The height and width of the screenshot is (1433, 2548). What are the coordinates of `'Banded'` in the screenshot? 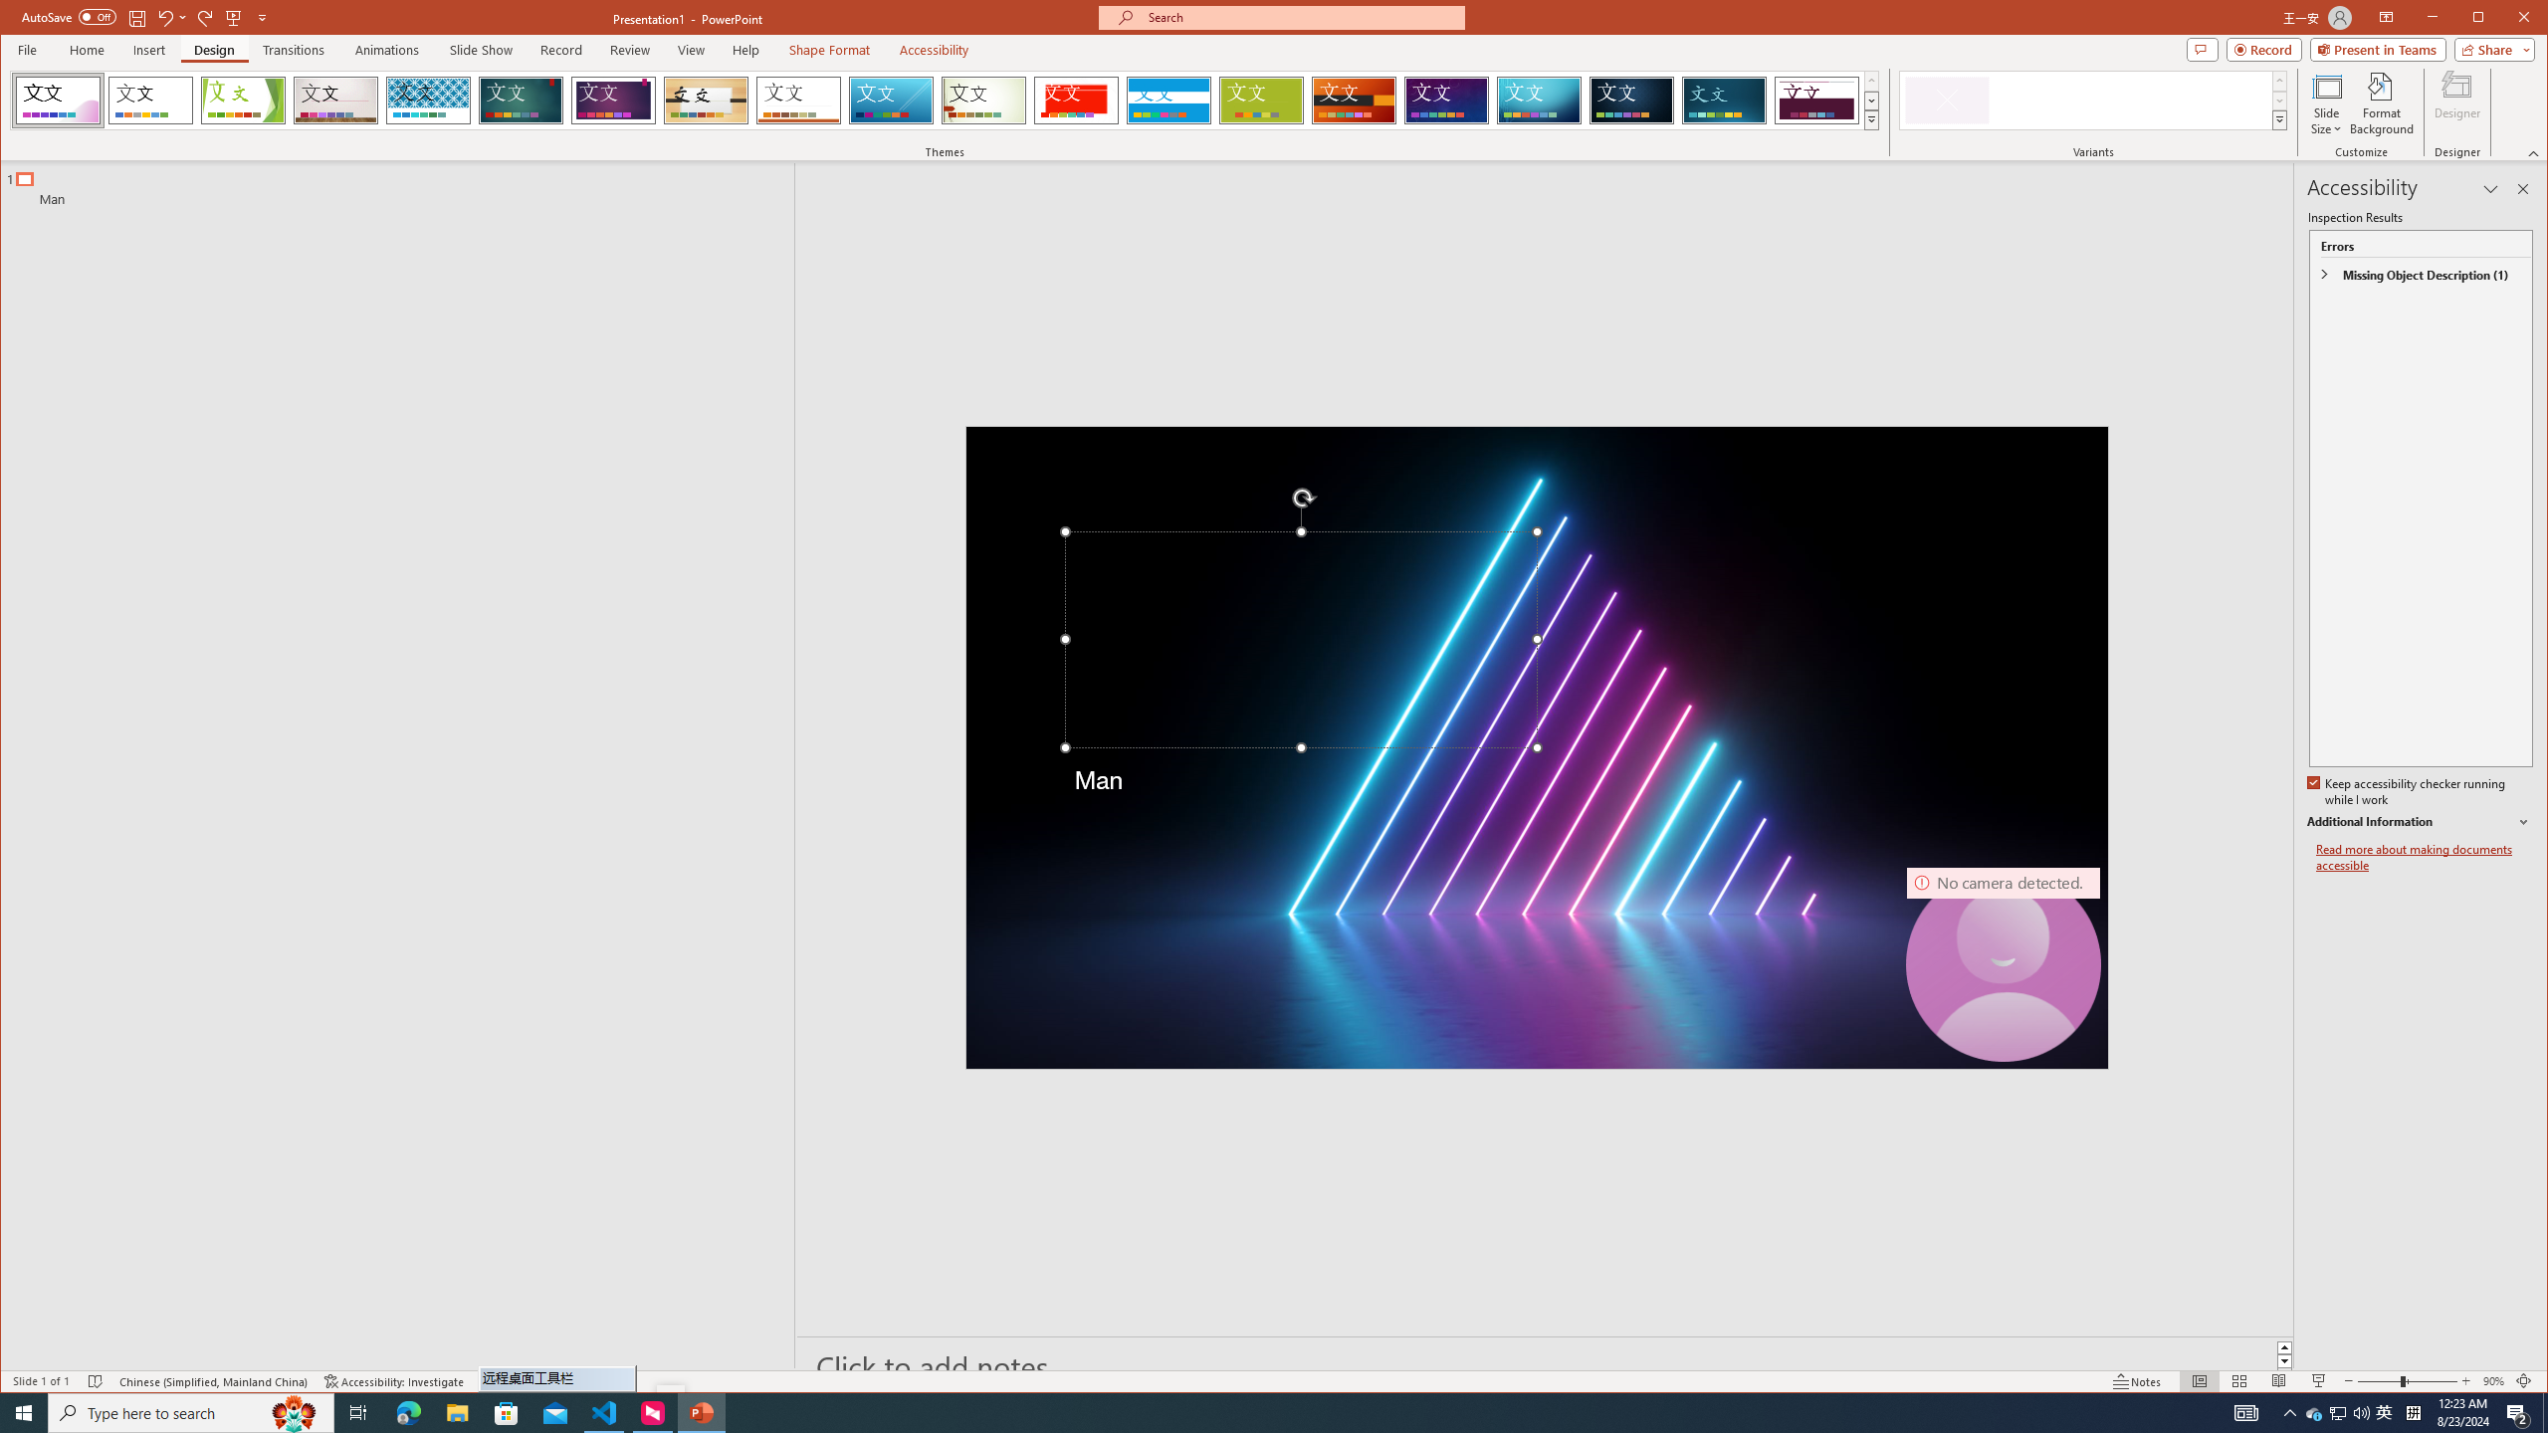 It's located at (1168, 100).